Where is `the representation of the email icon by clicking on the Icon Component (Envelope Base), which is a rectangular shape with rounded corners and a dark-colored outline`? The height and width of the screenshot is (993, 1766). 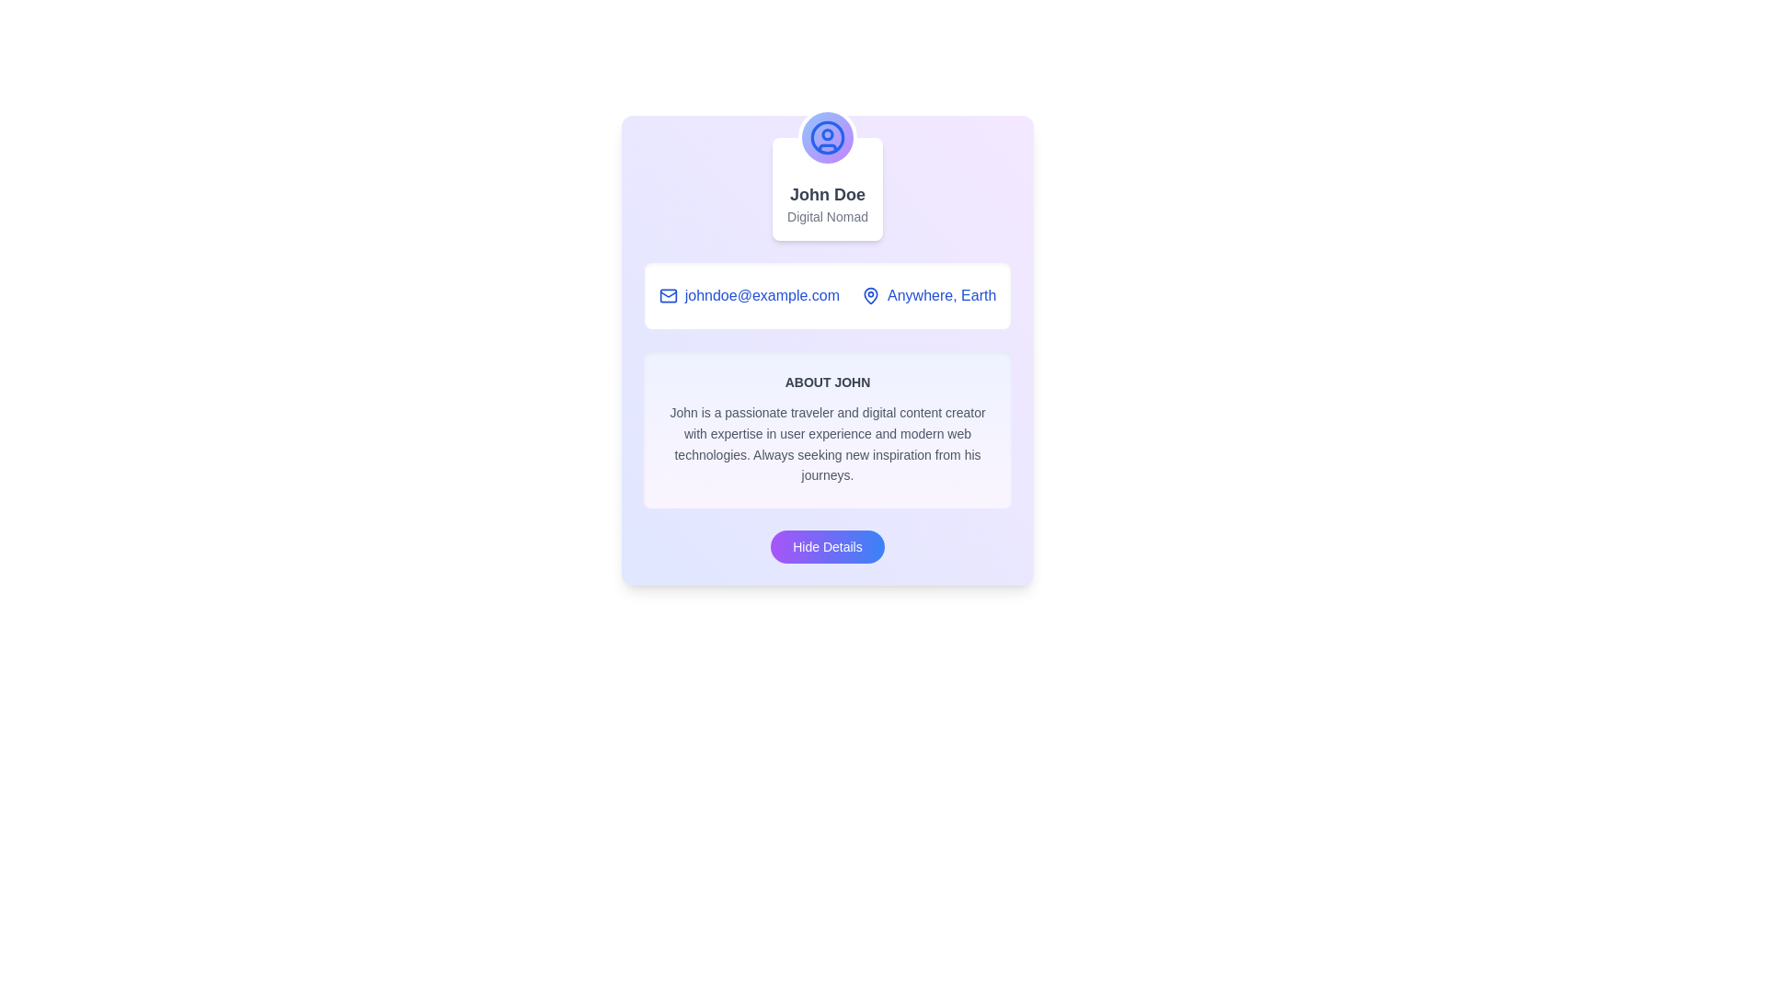
the representation of the email icon by clicking on the Icon Component (Envelope Base), which is a rectangular shape with rounded corners and a dark-colored outline is located at coordinates (667, 294).